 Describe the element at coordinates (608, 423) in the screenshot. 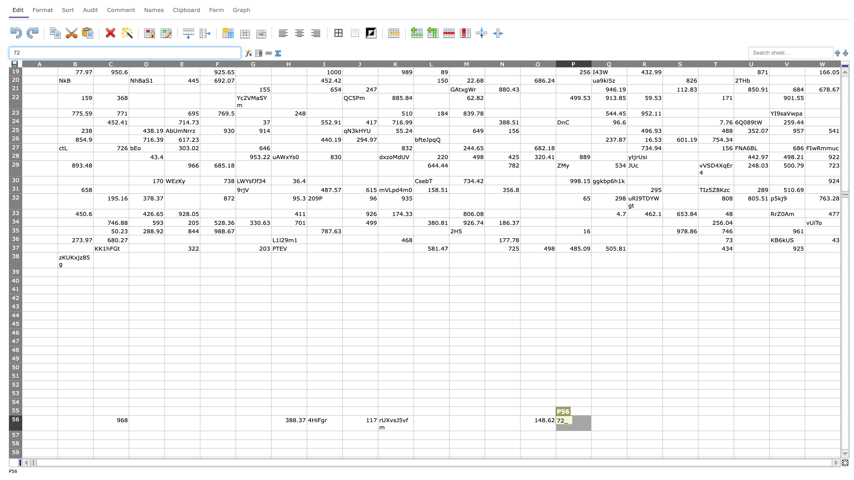

I see `Q56` at that location.